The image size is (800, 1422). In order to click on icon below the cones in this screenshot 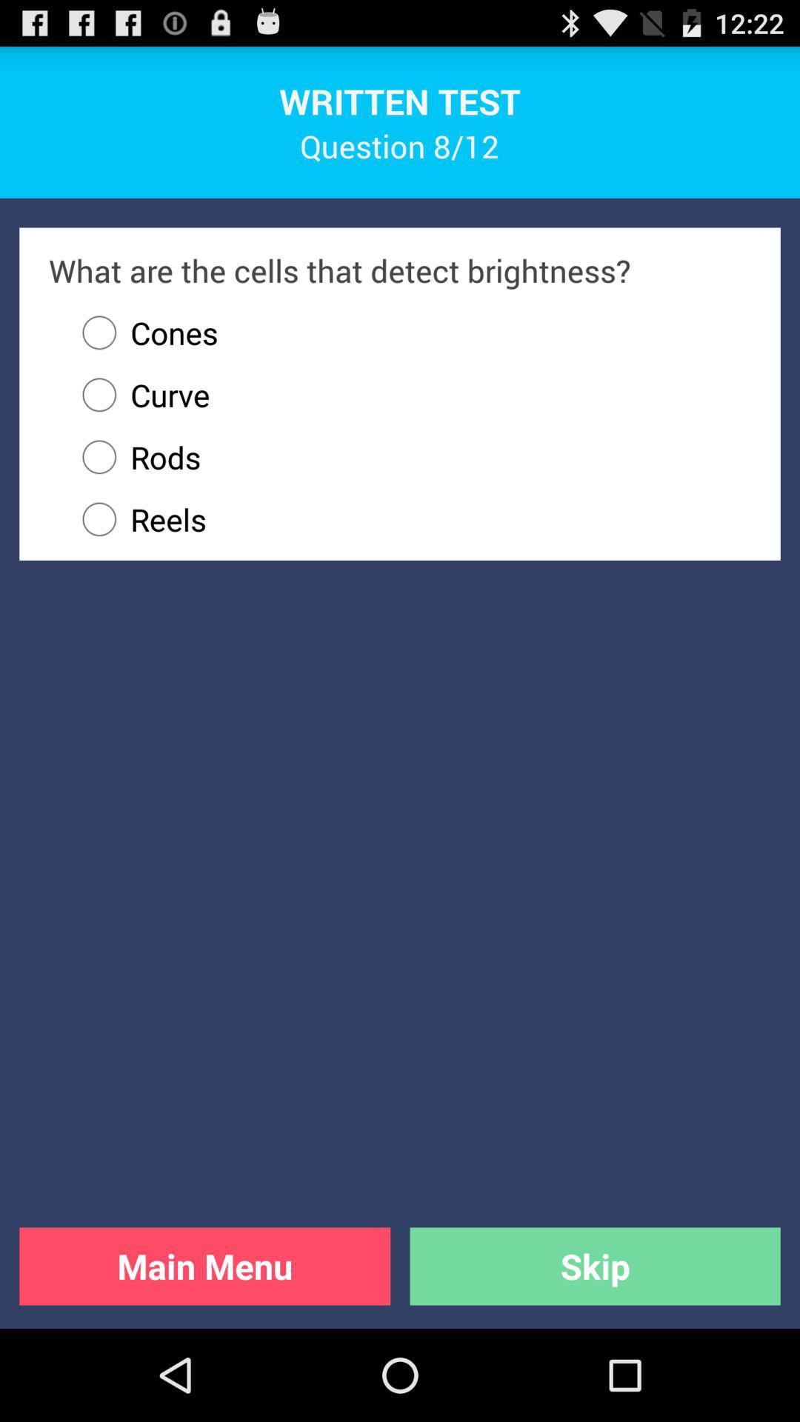, I will do `click(139, 395)`.